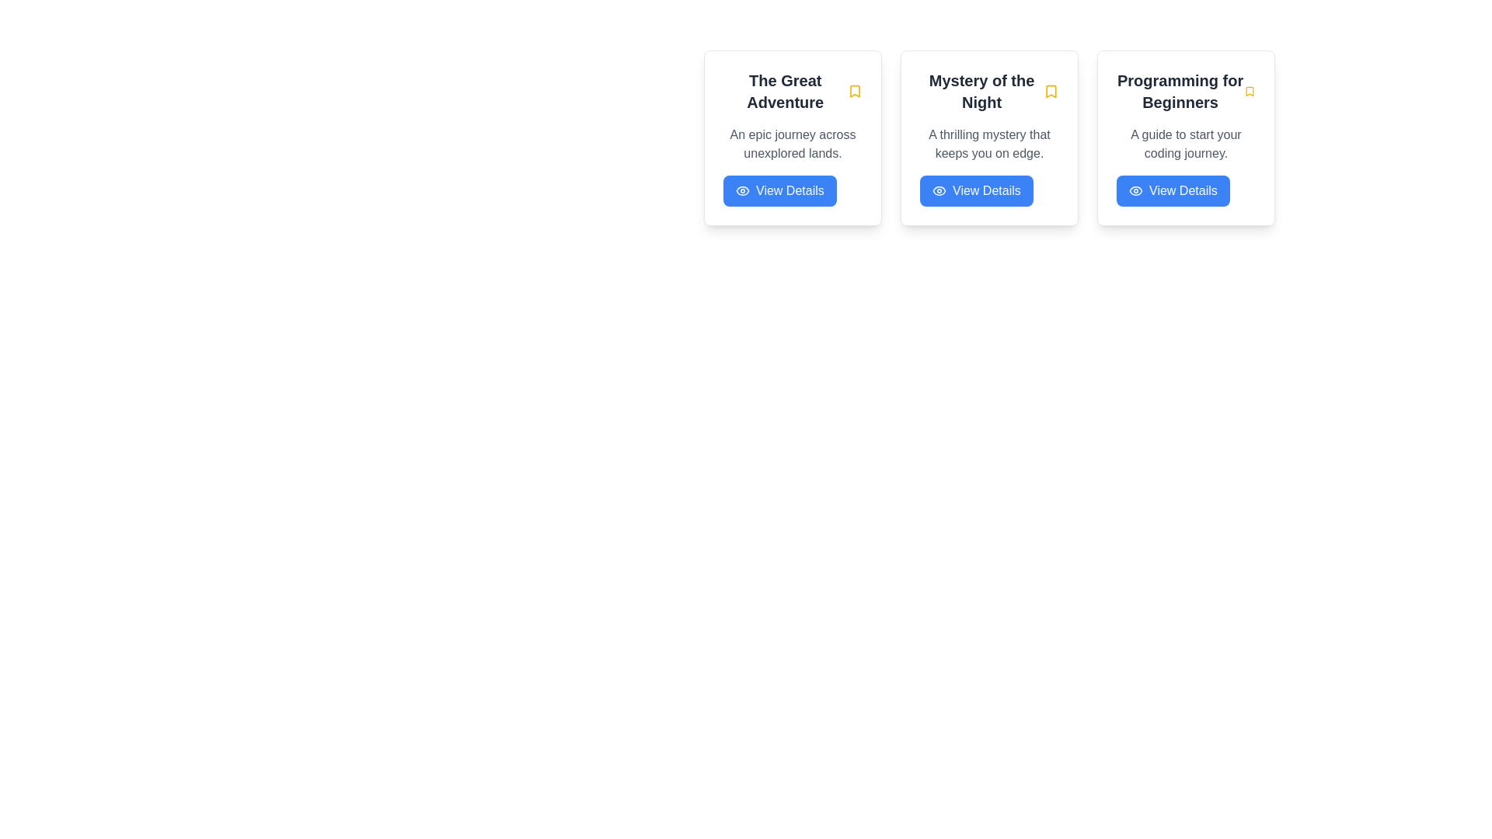 This screenshot has width=1492, height=839. Describe the element at coordinates (1185, 144) in the screenshot. I see `the text that reads 'A guide to start your coding journey.' which is styled in gray color and located below the title 'Programming for Beginners' in the third card from the left` at that location.